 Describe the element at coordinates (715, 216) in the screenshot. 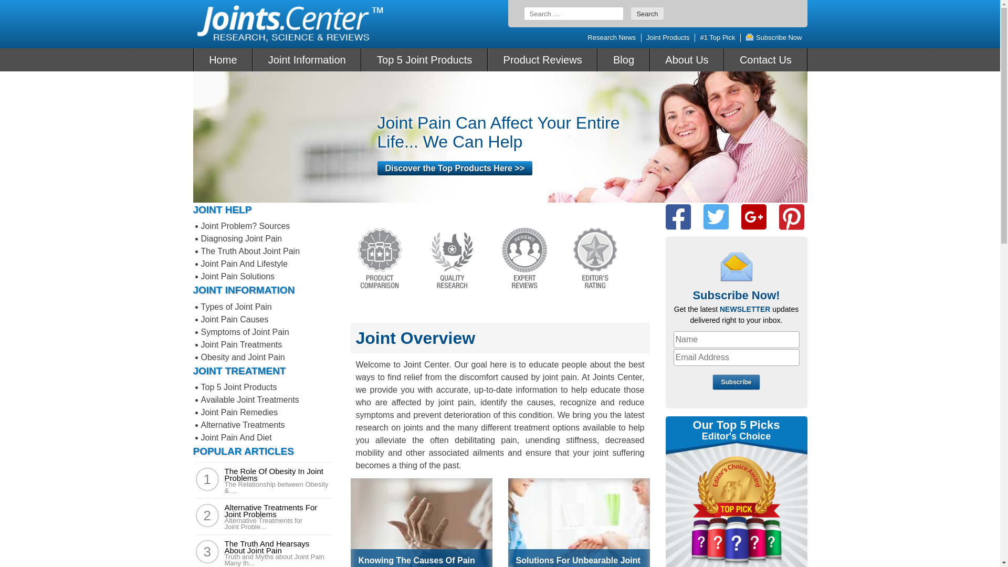

I see `'Twitter'` at that location.